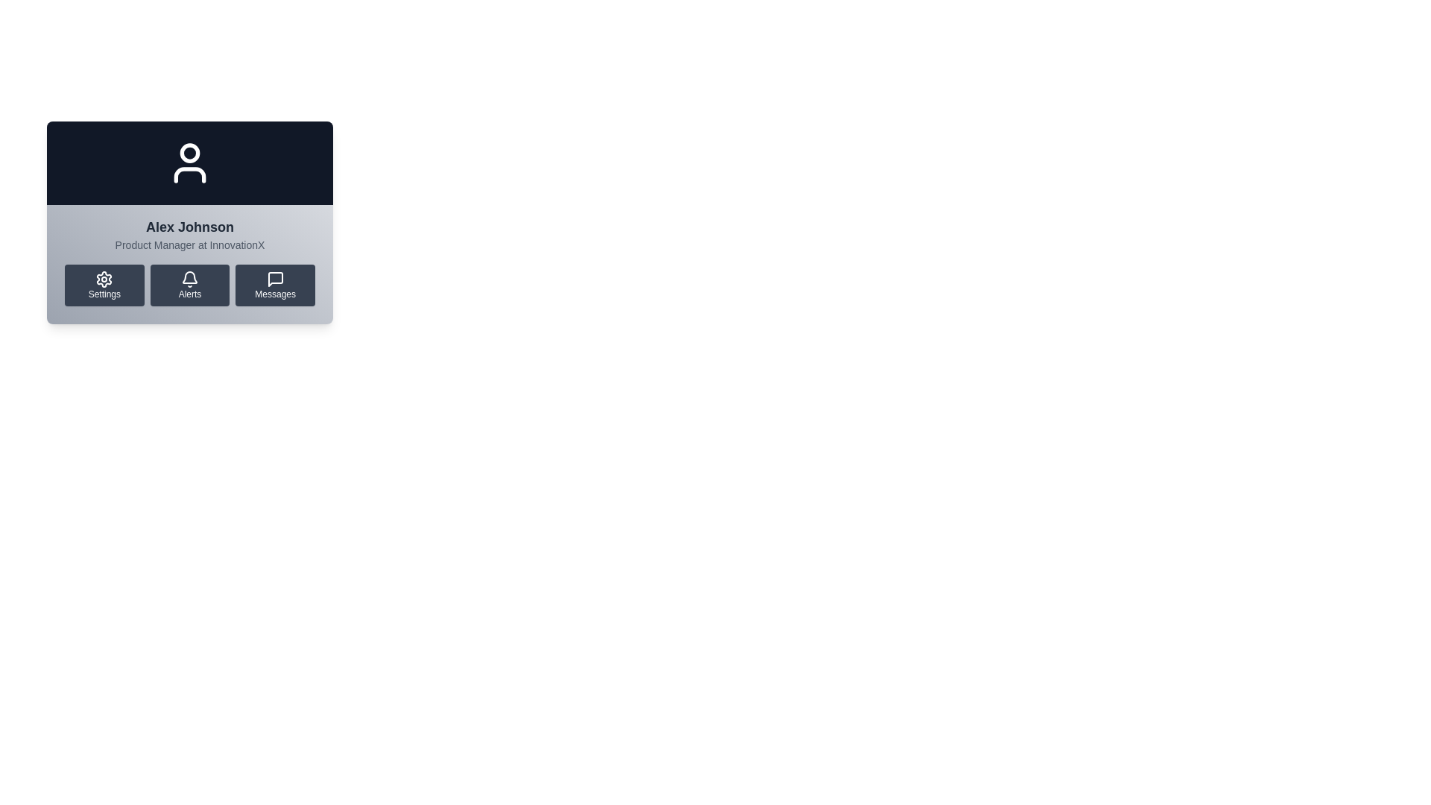  Describe the element at coordinates (275, 279) in the screenshot. I see `the decorative speech bubble icon embedded within the 'Messages' button located at the bottom of the interface card` at that location.